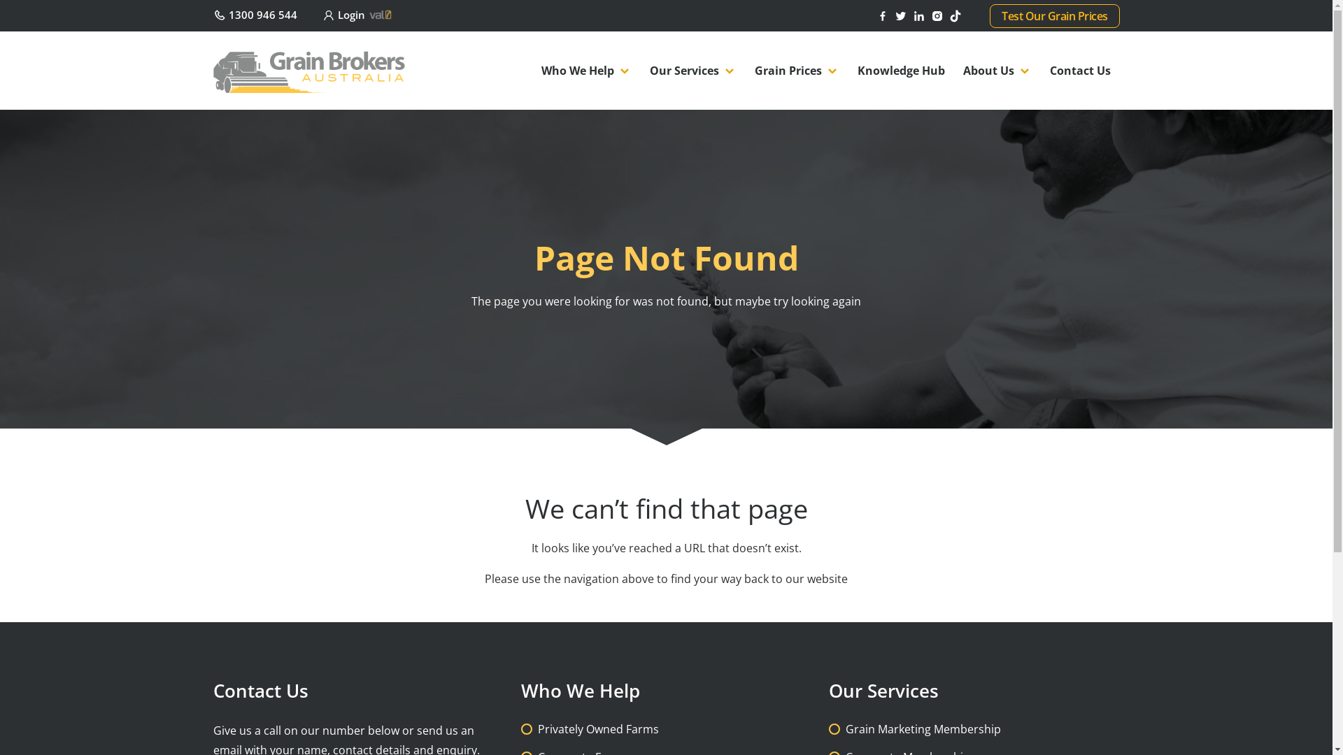 Image resolution: width=1343 pixels, height=755 pixels. Describe the element at coordinates (923, 728) in the screenshot. I see `'Grain Marketing Membership'` at that location.